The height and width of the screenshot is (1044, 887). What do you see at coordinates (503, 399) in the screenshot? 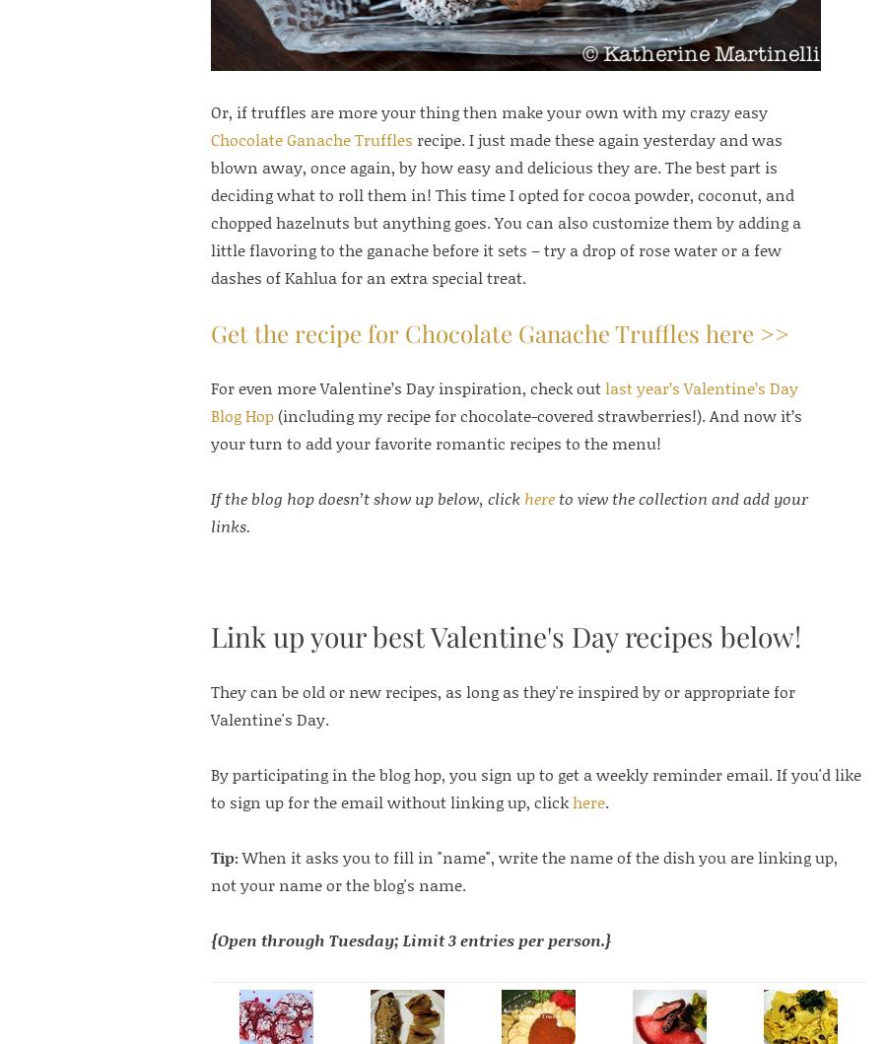
I see `'last year’s Valentine’s Day Blog Hop'` at bounding box center [503, 399].